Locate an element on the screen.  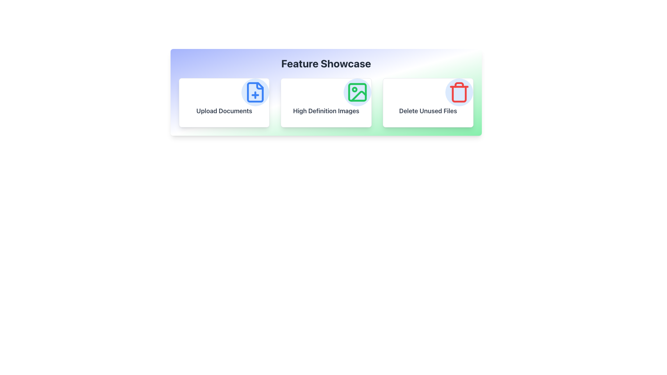
the non-interactive header or title that provides an introductory label for the section above the feature cards is located at coordinates (326, 63).